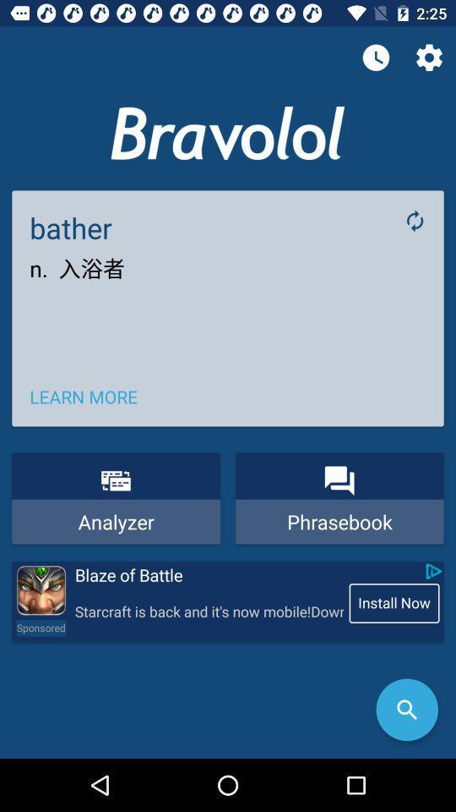  I want to click on icon to the left of the install now icon, so click(209, 611).